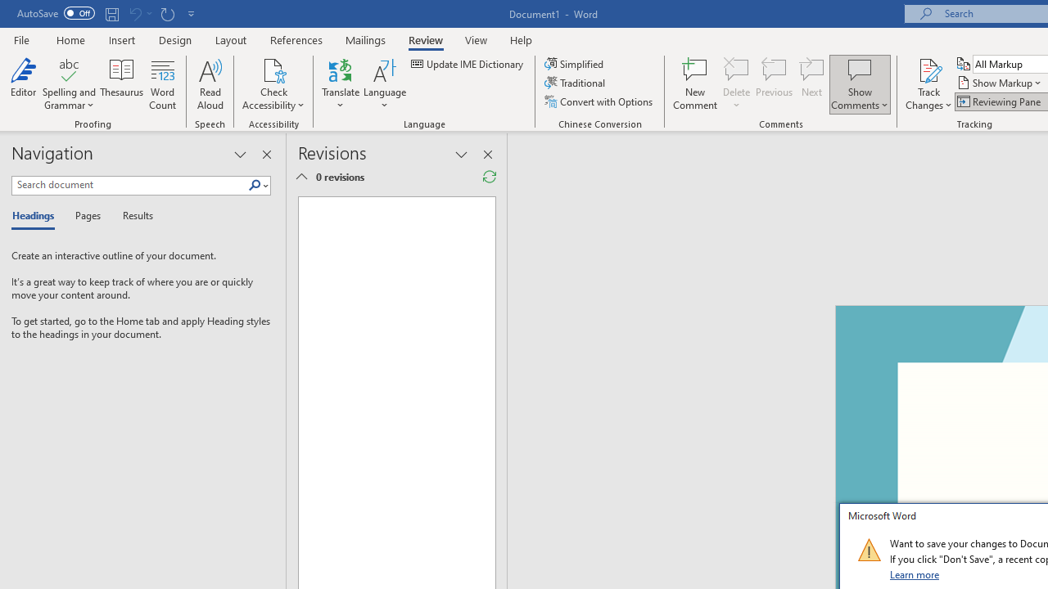 The image size is (1048, 589). Describe the element at coordinates (273, 84) in the screenshot. I see `'Check Accessibility'` at that location.